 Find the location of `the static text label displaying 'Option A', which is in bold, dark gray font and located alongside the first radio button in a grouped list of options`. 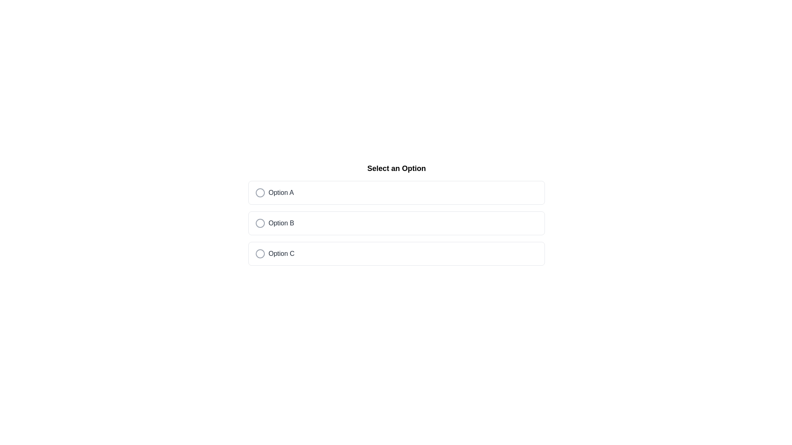

the static text label displaying 'Option A', which is in bold, dark gray font and located alongside the first radio button in a grouped list of options is located at coordinates (281, 192).